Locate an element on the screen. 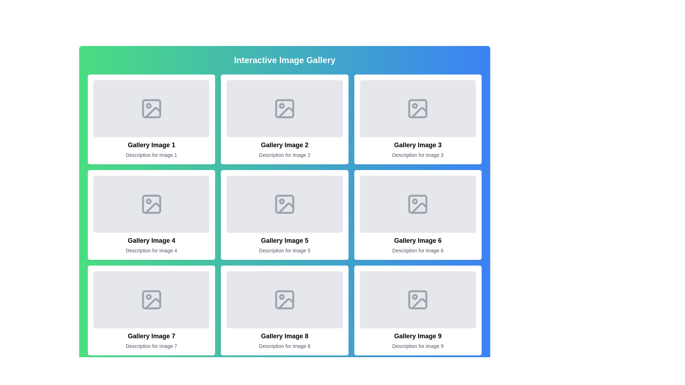 The width and height of the screenshot is (685, 385). the text label that displays 'Gallery Image 1', which is styled in a larger, semi-bold font and is positioned above the description text in the gallery item is located at coordinates (151, 145).